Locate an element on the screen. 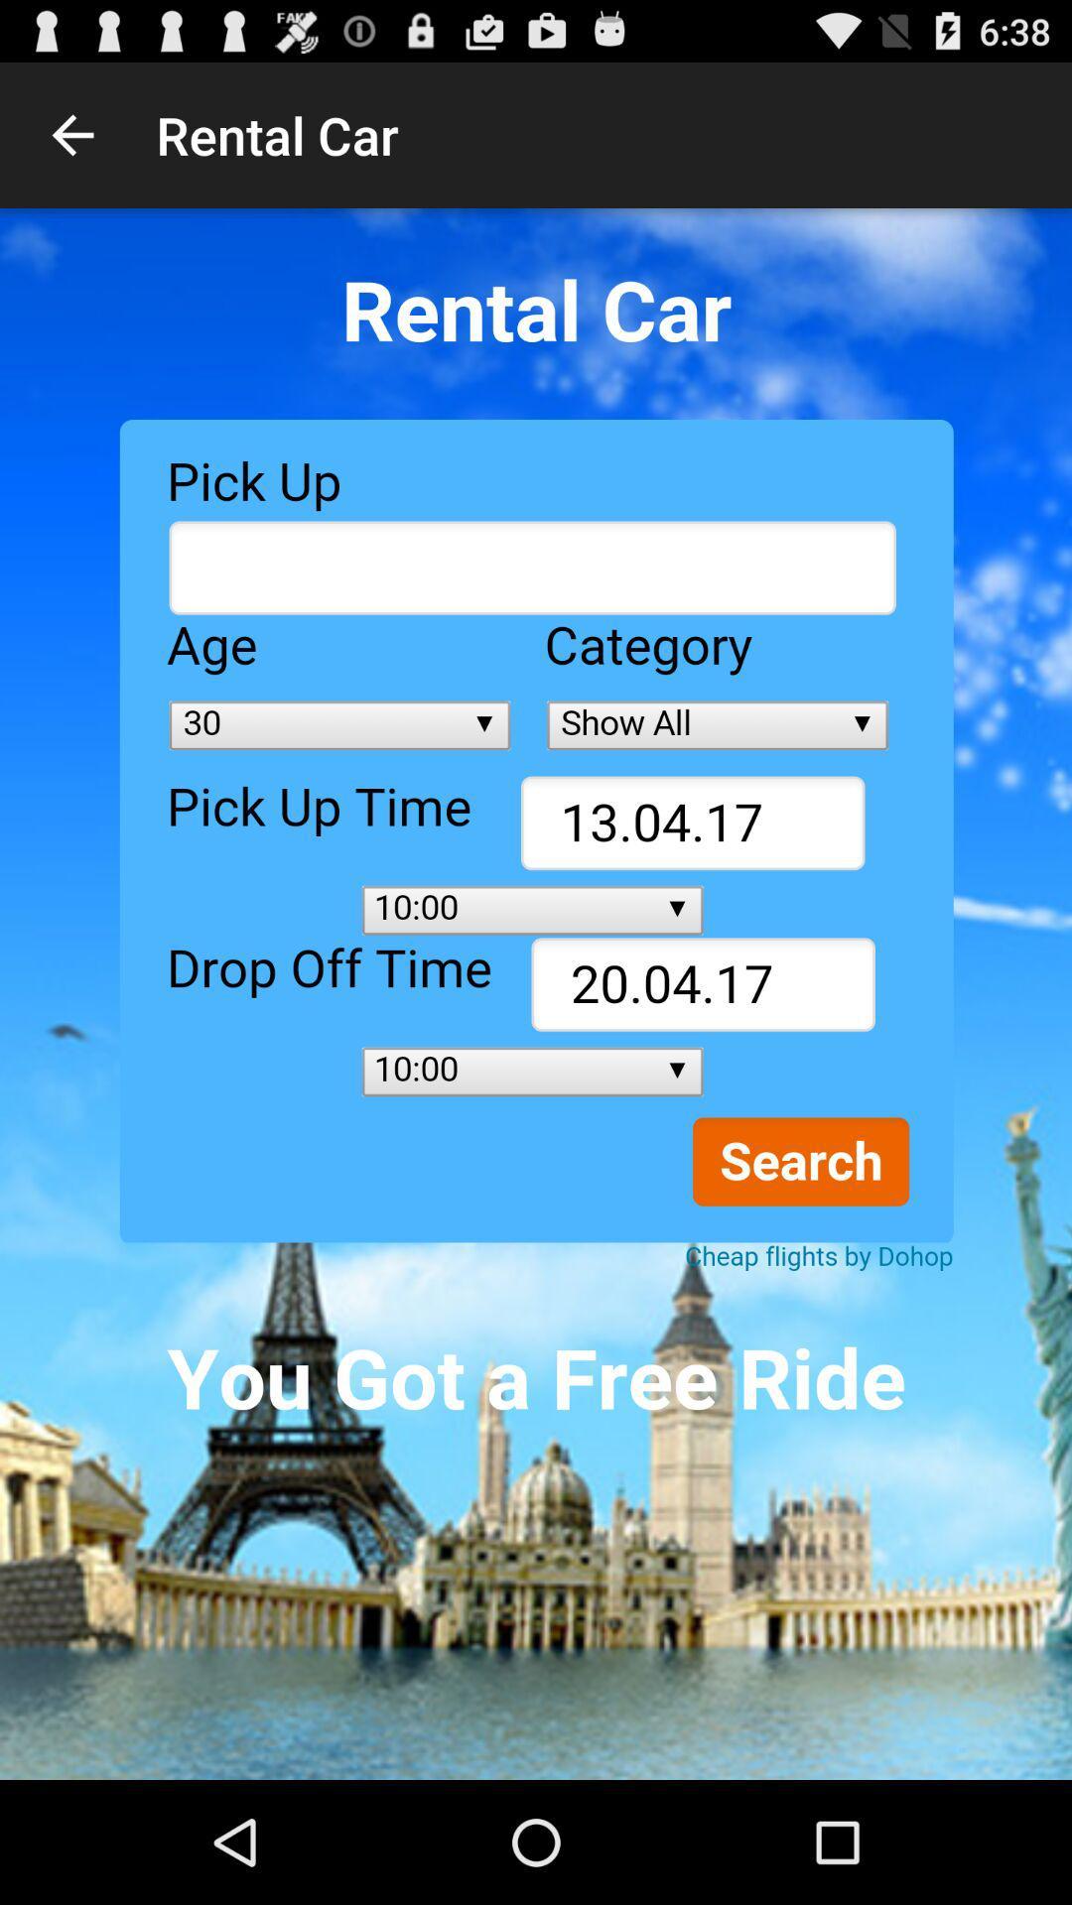 The image size is (1072, 1905). advertisement page is located at coordinates (536, 994).